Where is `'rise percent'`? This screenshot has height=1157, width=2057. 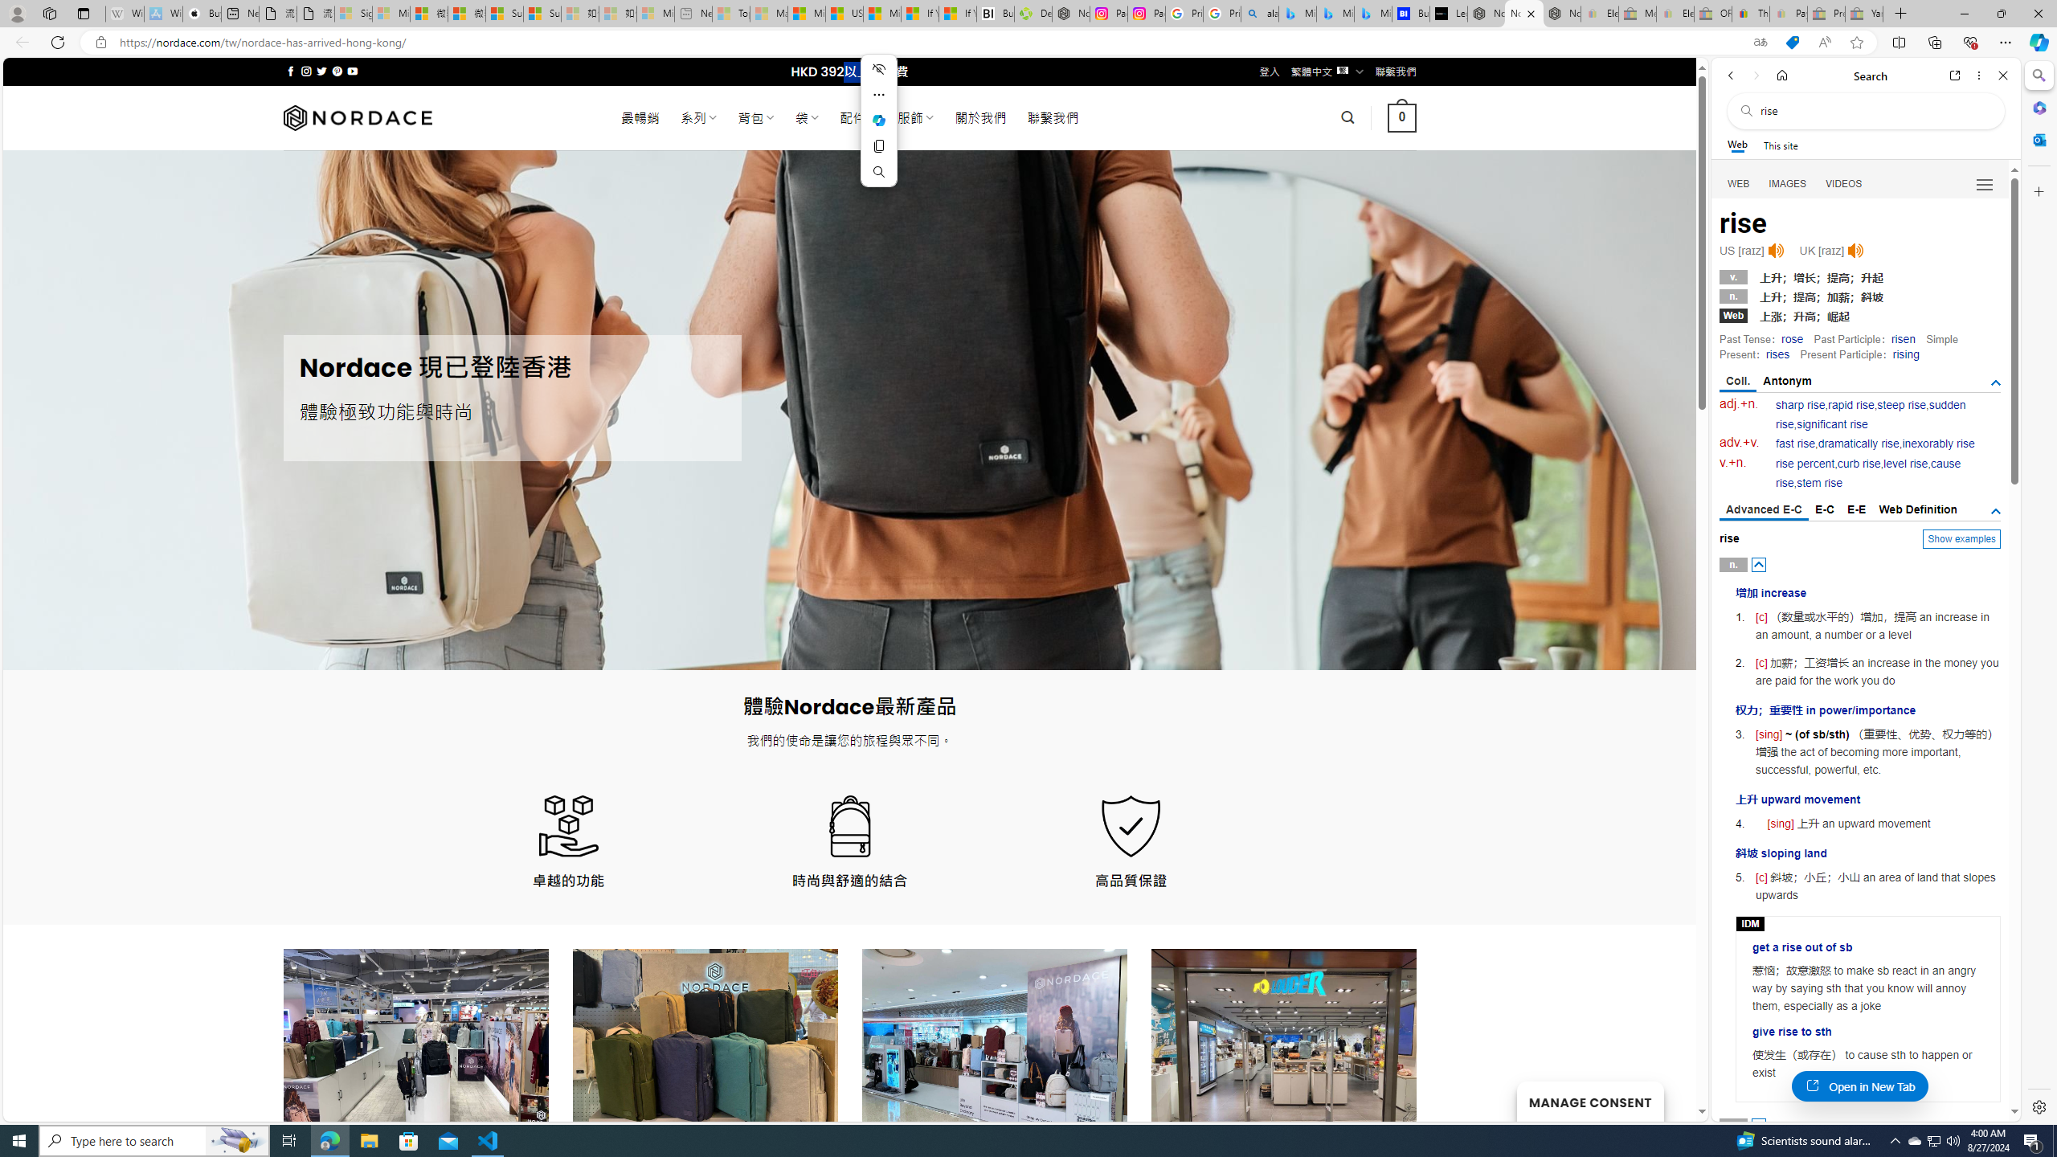 'rise percent' is located at coordinates (1805, 464).